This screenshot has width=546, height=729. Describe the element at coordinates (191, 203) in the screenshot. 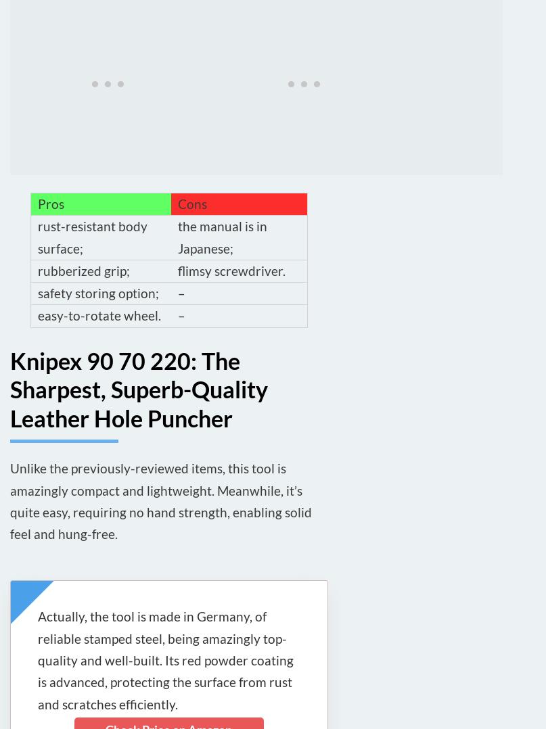

I see `'Cons'` at that location.